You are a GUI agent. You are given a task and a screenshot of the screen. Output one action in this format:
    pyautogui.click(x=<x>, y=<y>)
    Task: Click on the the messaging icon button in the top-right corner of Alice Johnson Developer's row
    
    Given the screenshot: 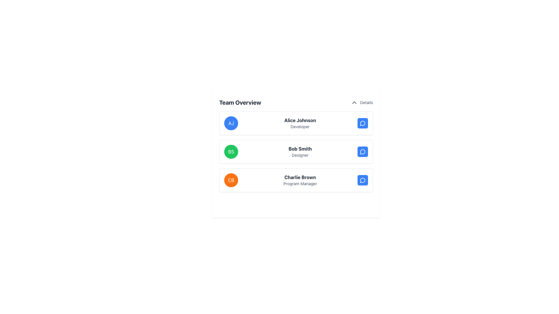 What is the action you would take?
    pyautogui.click(x=362, y=123)
    